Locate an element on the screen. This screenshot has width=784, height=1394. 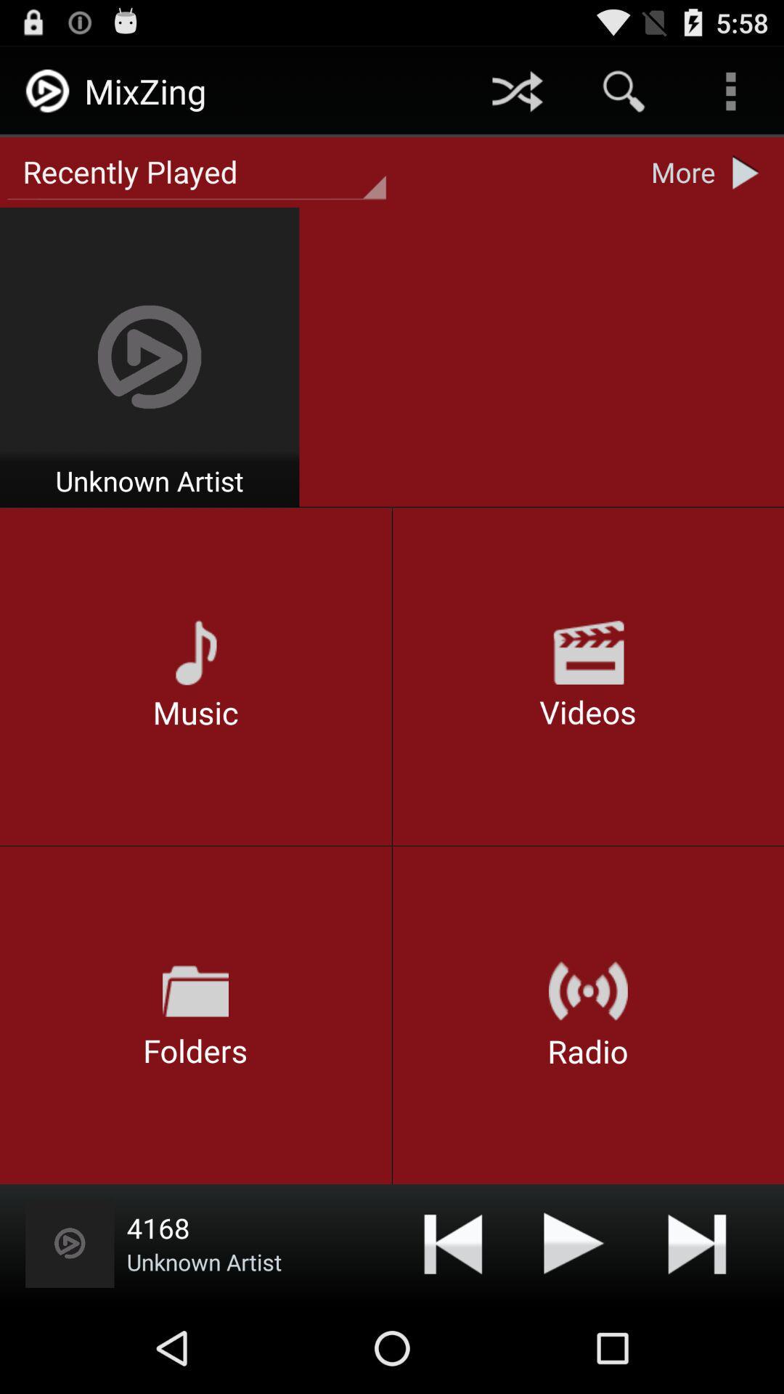
more is located at coordinates (749, 172).